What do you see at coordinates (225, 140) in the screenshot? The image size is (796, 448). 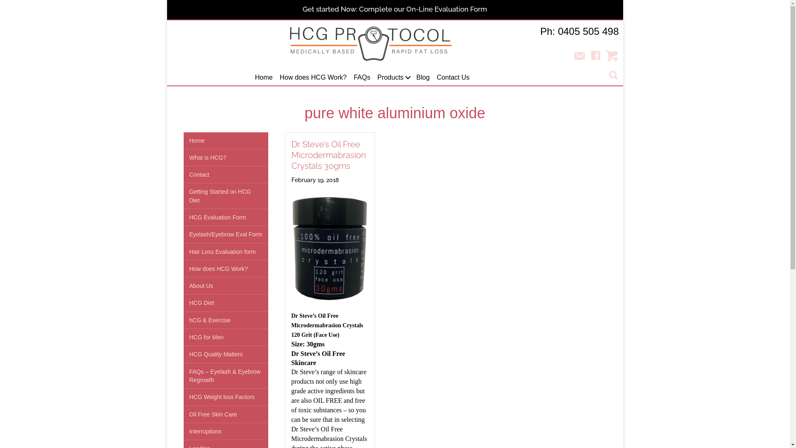 I see `'Home'` at bounding box center [225, 140].